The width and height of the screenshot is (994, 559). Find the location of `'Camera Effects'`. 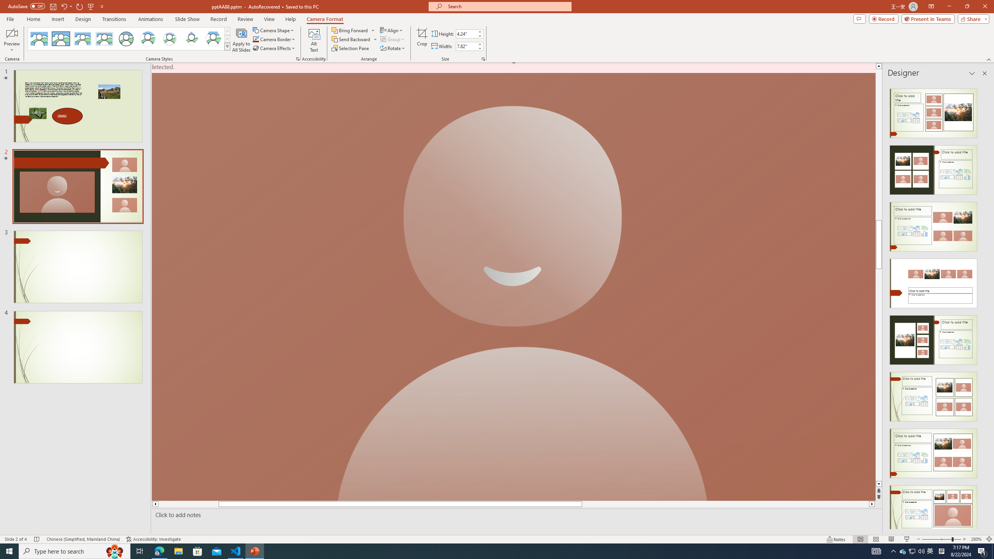

'Camera Effects' is located at coordinates (274, 47).